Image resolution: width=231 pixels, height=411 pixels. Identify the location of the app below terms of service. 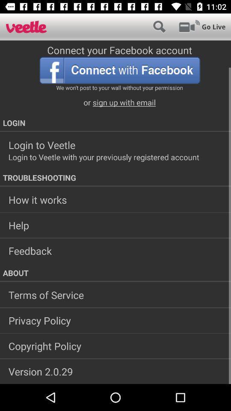
(115, 320).